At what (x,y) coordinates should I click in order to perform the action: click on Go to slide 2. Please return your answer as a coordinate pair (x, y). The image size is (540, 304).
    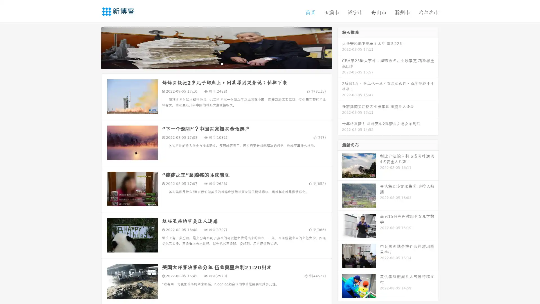
    Looking at the image, I should click on (216, 63).